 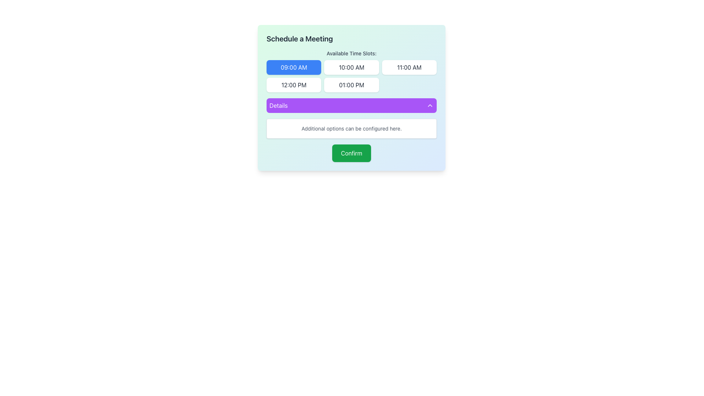 I want to click on the green rectangular button labeled 'Confirm' with bold white text, located at the bottom of a modal window, so click(x=351, y=153).